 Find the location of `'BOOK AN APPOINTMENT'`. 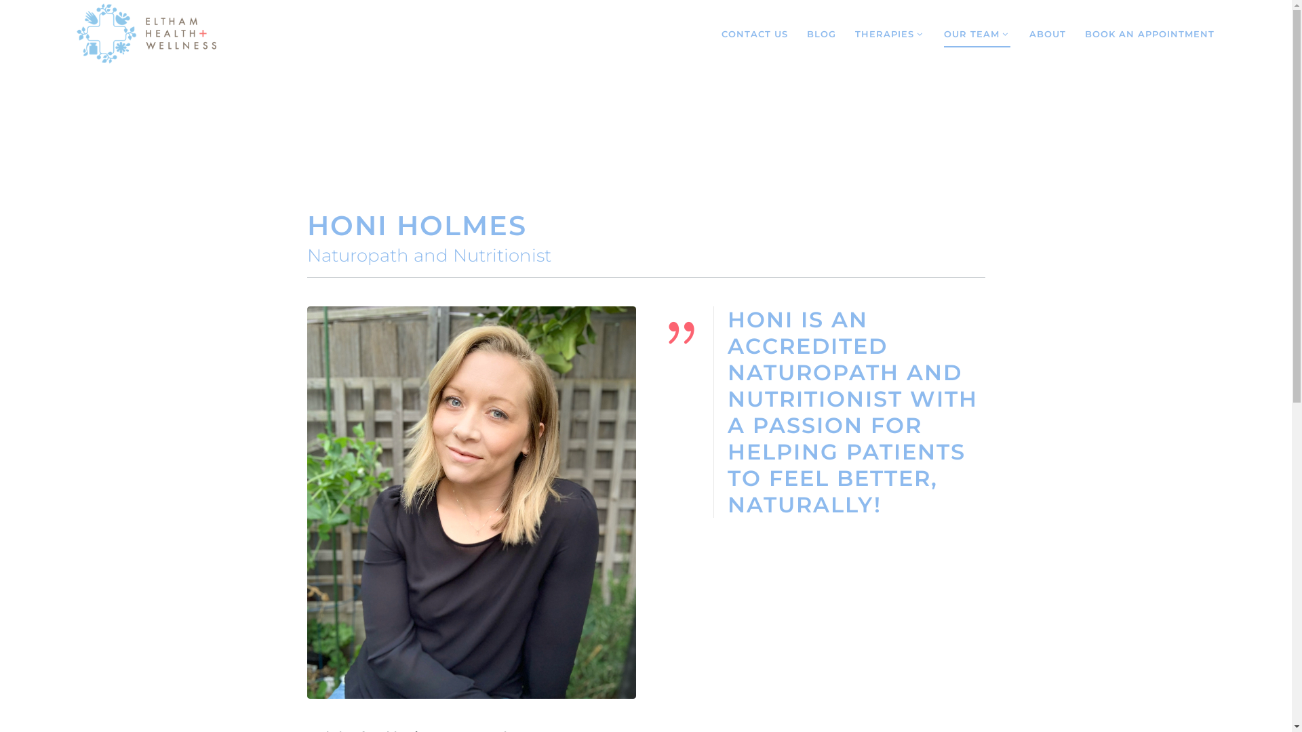

'BOOK AN APPOINTMENT' is located at coordinates (1149, 33).